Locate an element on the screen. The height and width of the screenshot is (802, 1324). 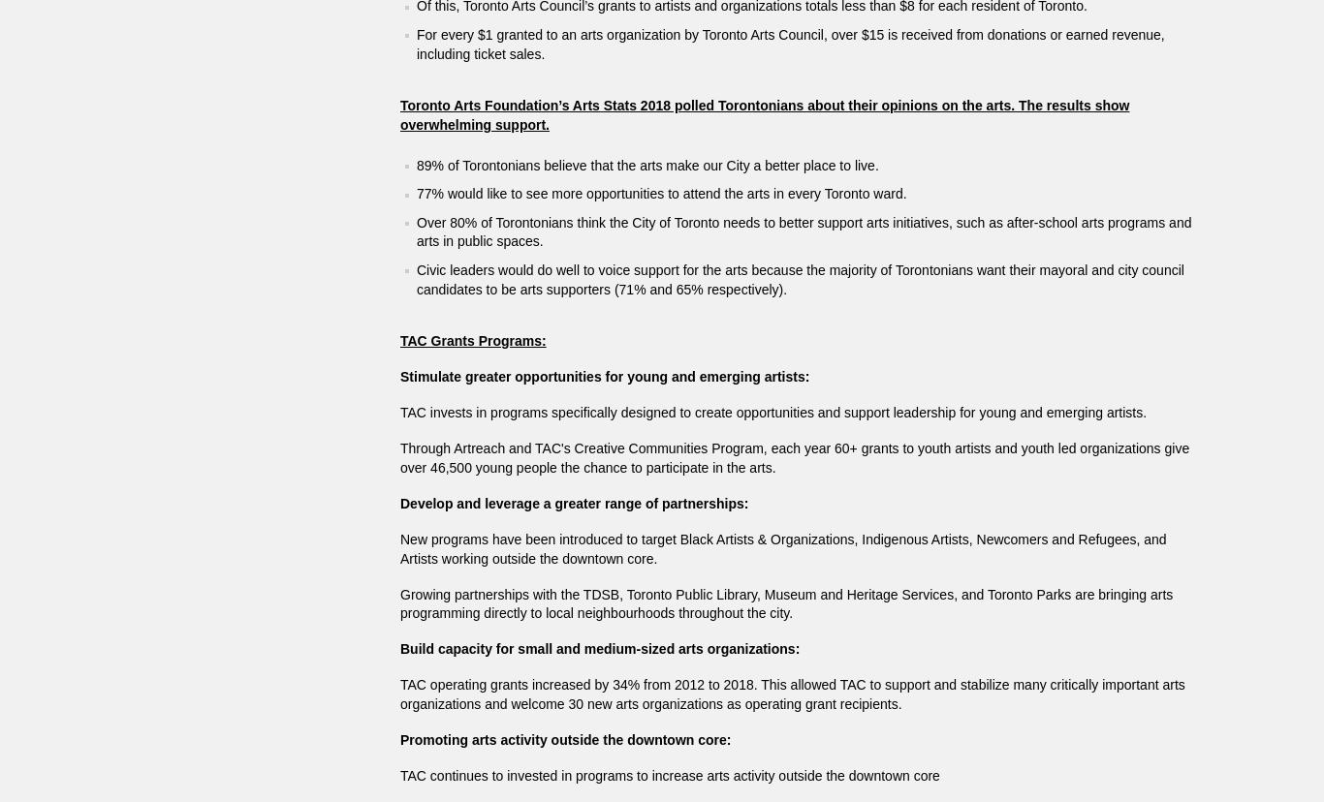
'TAC operating grants increased by 34% from 2012 to 2018. This allowed TAC to support and stabilize many critically important arts organizations and welcome 30 new arts organizations as operating grant recipients.' is located at coordinates (791, 694).